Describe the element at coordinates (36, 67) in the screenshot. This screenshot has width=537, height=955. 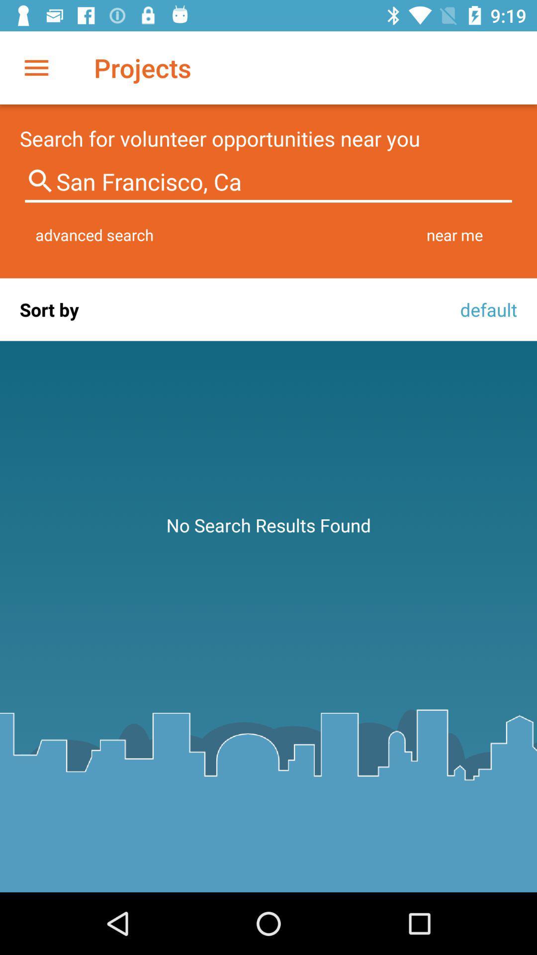
I see `menu` at that location.